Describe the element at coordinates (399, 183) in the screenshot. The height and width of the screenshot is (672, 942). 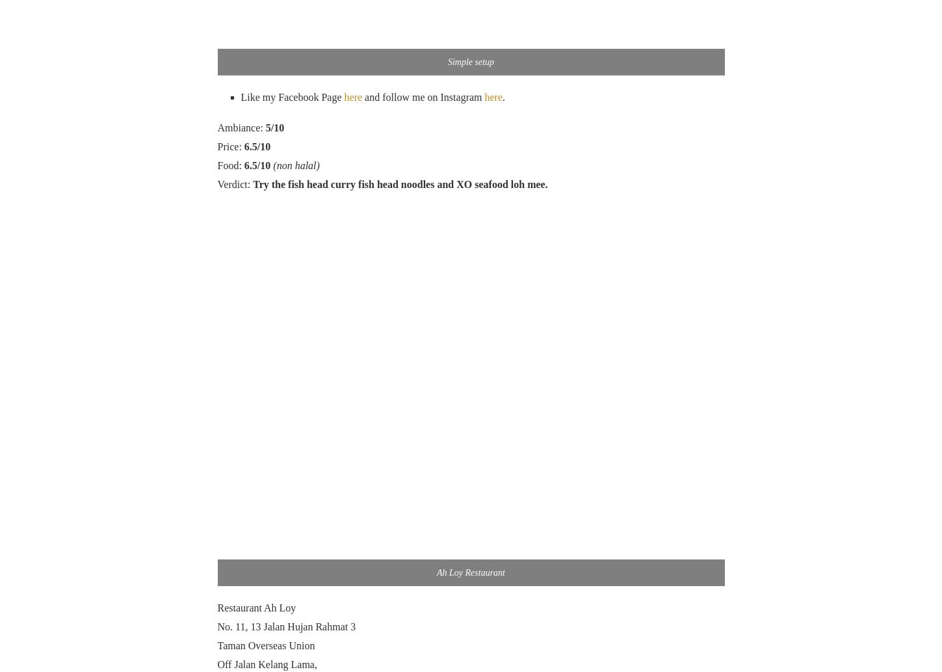
I see `'Try the fish head curry fish head noodles and XO seafood loh mee.'` at that location.